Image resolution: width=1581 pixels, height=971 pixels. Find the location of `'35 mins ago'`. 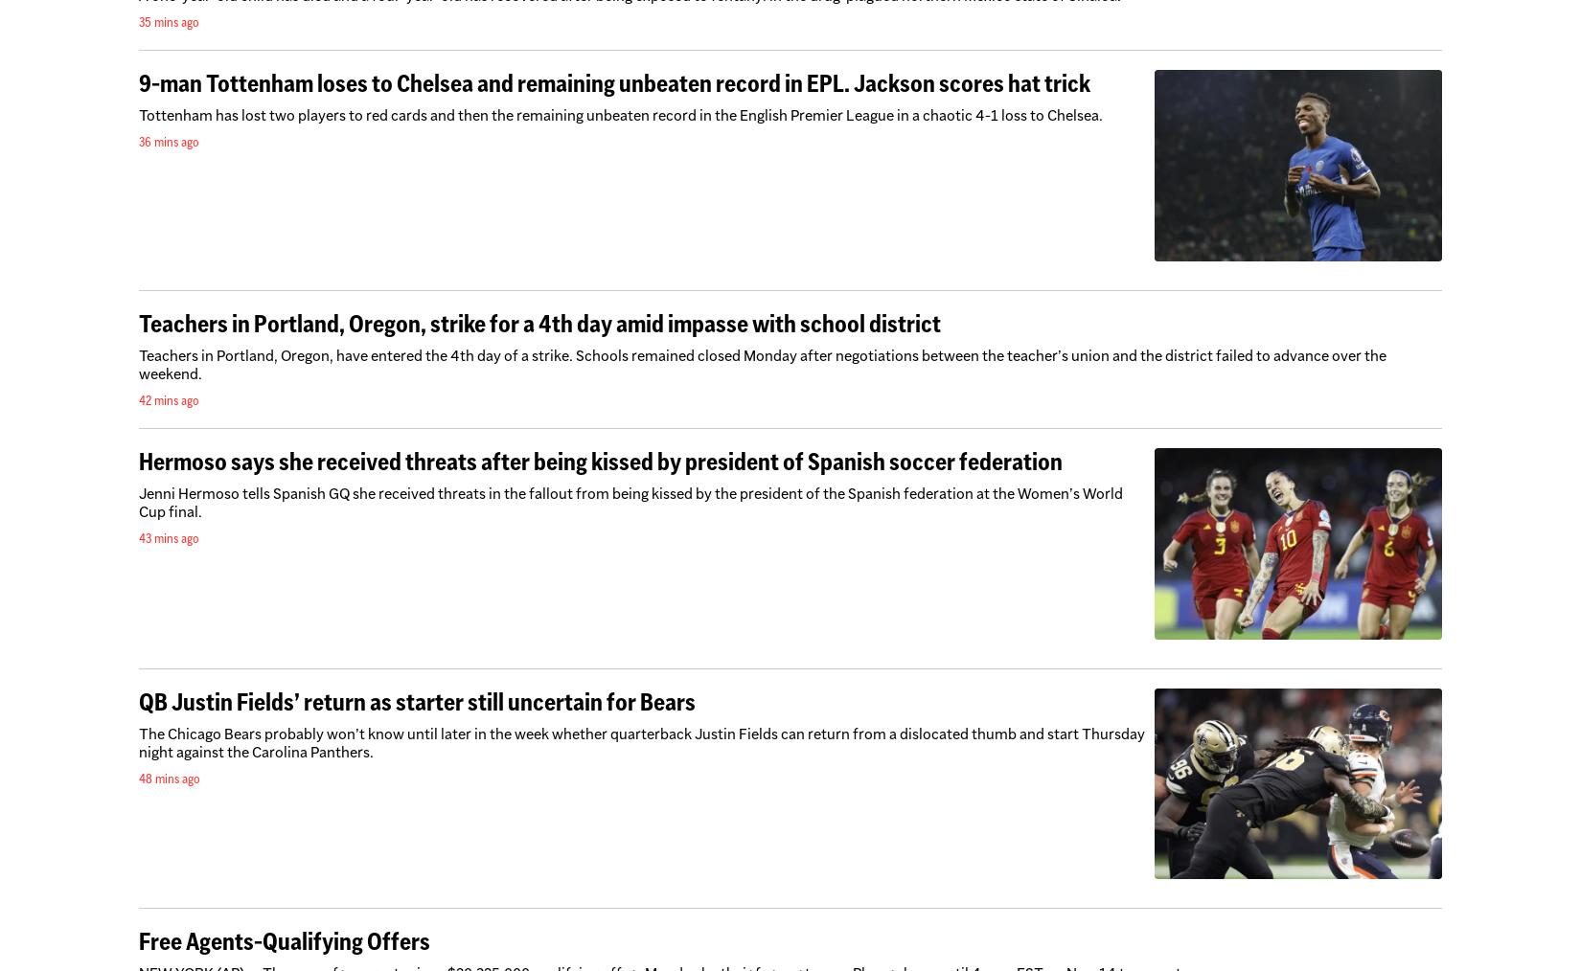

'35 mins ago' is located at coordinates (139, 21).